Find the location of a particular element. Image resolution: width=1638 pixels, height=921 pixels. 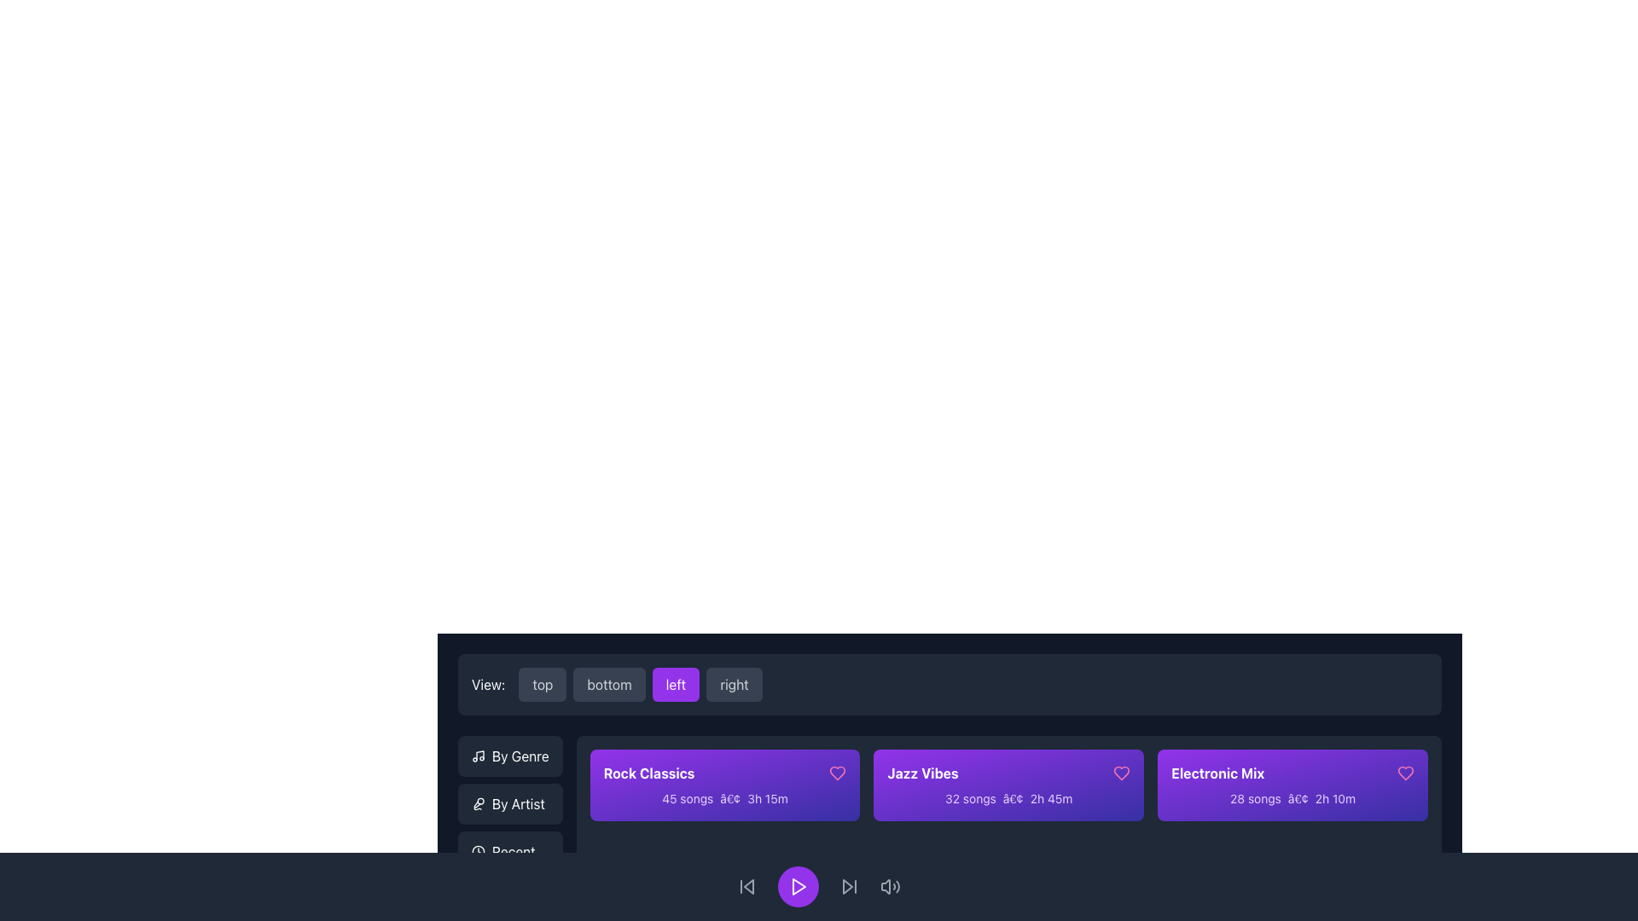

the Control Panel at the bottom of the interface is located at coordinates (819, 886).